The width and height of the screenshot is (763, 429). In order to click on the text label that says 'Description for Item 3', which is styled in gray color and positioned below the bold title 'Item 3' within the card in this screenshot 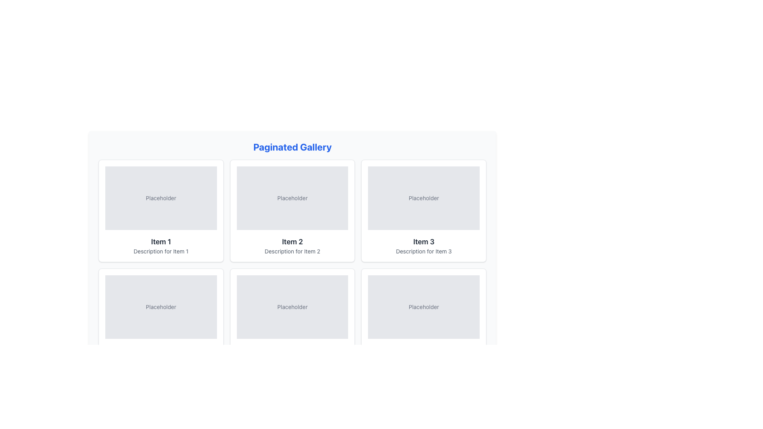, I will do `click(423, 251)`.